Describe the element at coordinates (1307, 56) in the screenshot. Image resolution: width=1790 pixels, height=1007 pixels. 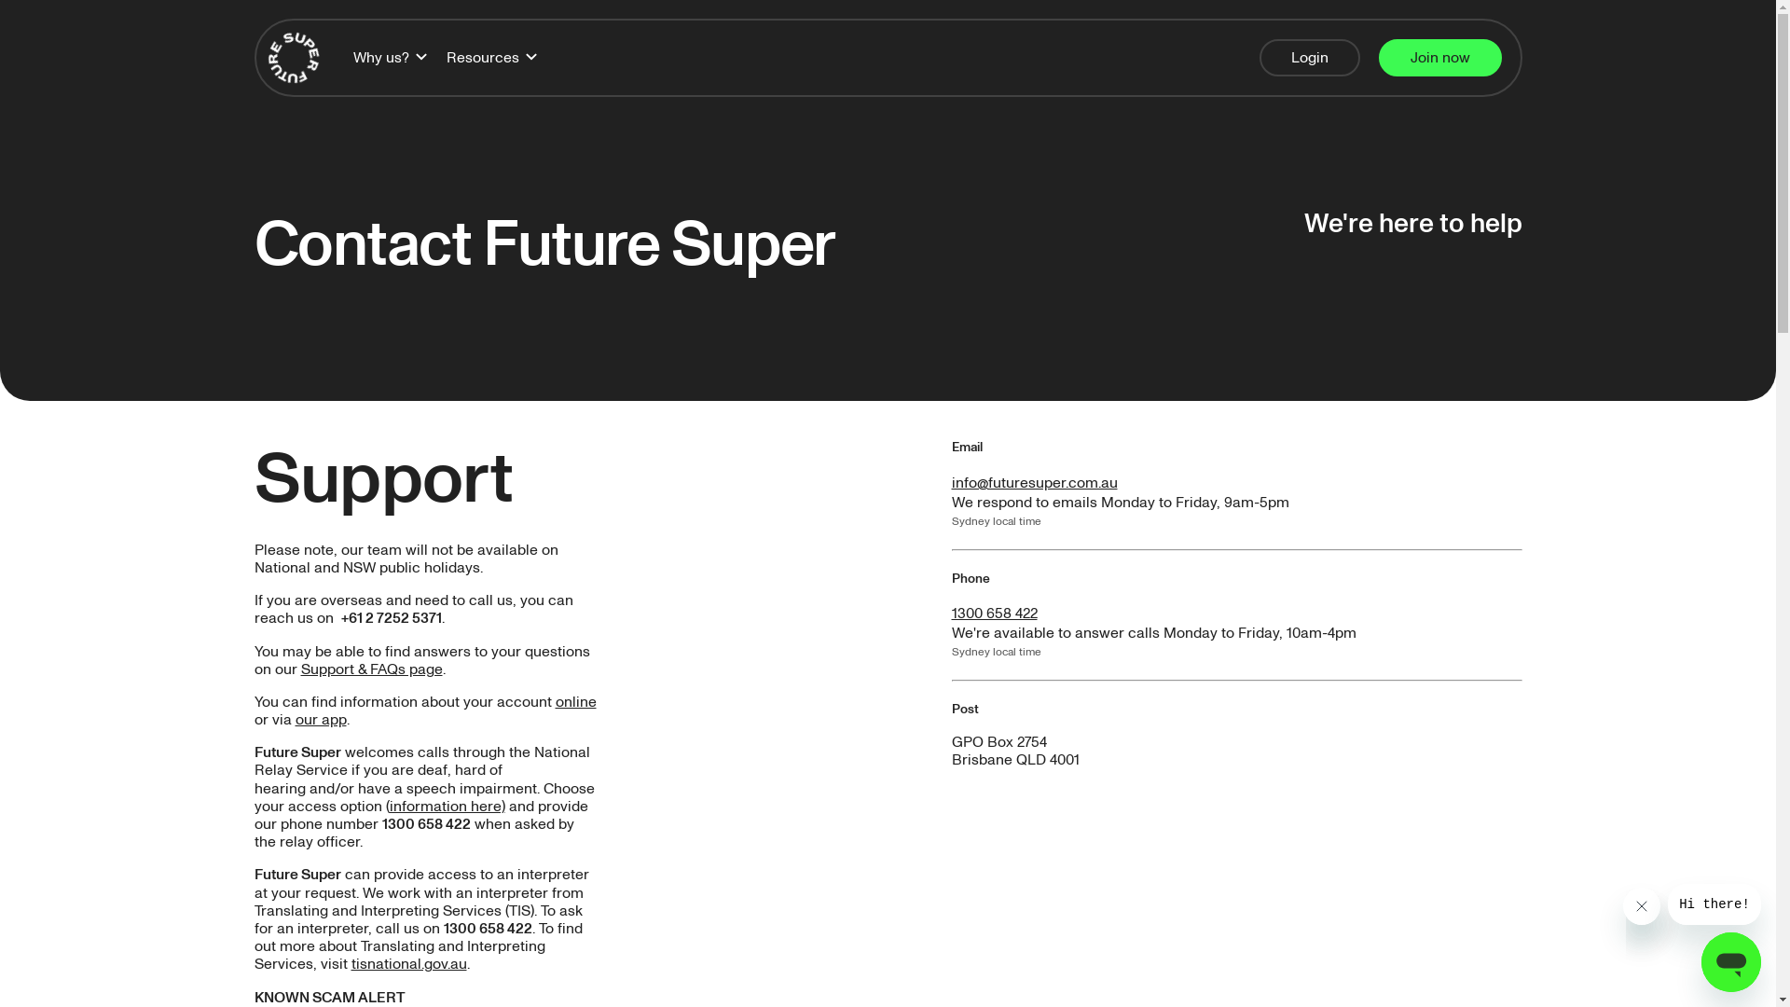
I see `'Login'` at that location.